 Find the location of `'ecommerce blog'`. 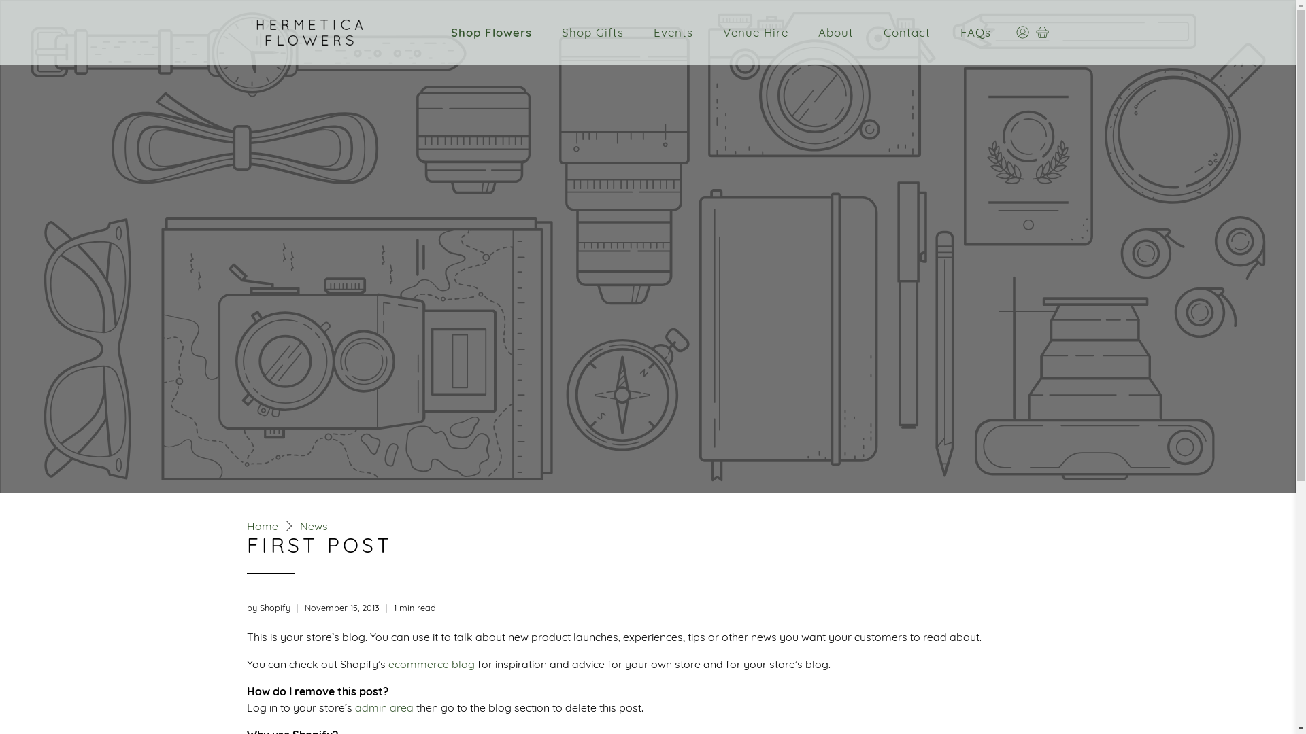

'ecommerce blog' is located at coordinates (430, 662).